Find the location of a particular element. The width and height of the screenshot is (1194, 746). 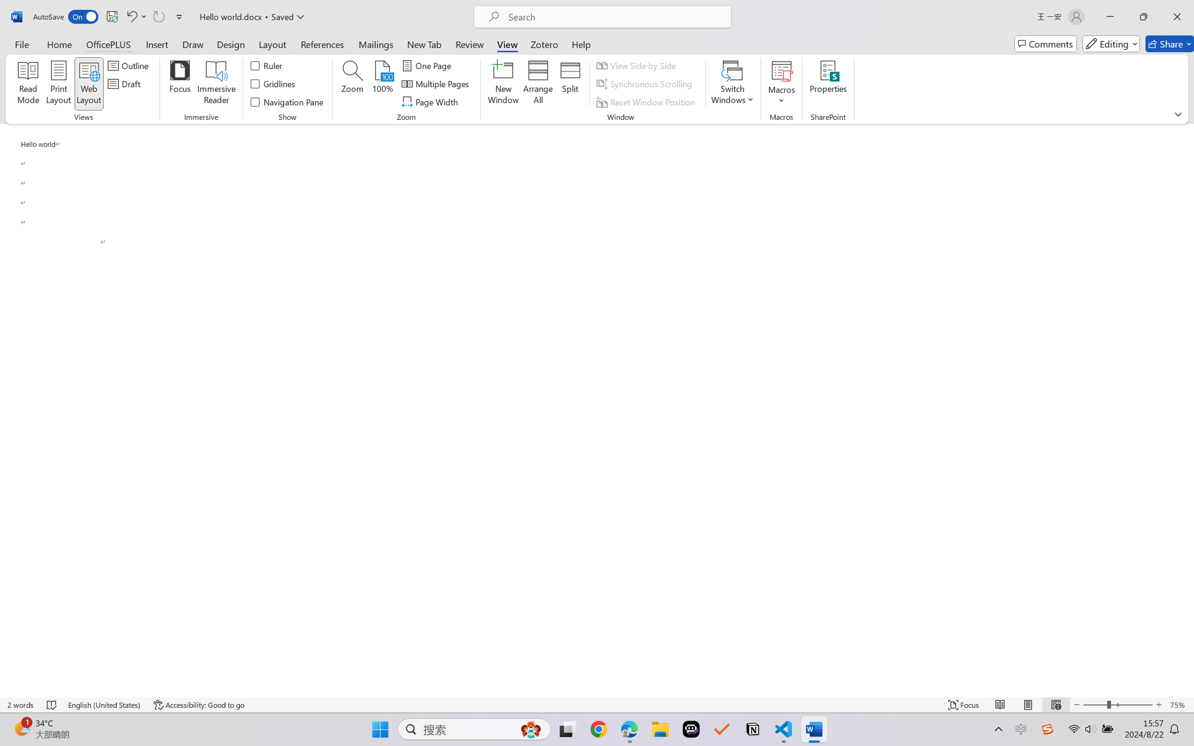

'Navigation Pane' is located at coordinates (287, 102).